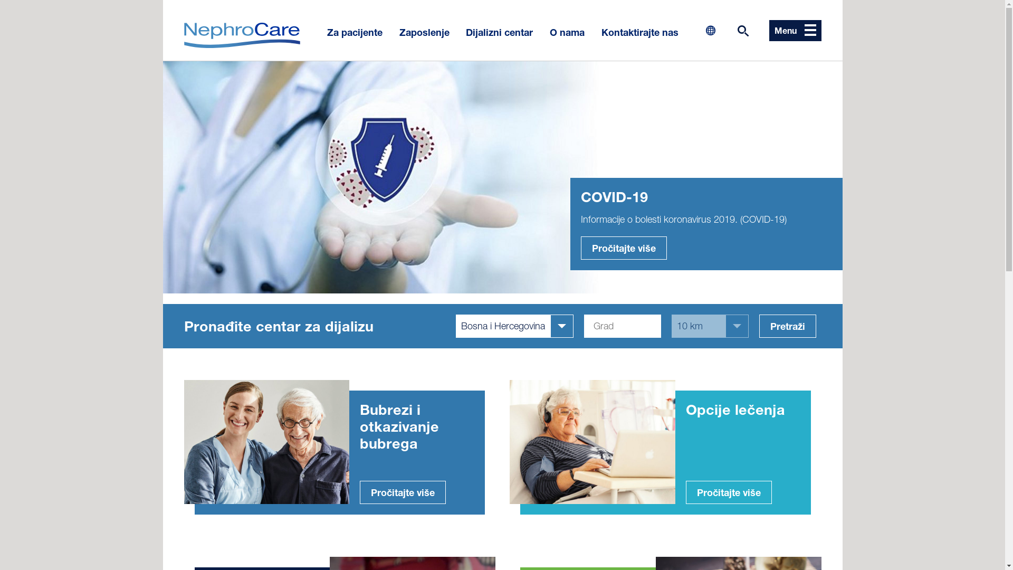 The image size is (1013, 570). What do you see at coordinates (424, 30) in the screenshot?
I see `'Zaposlenje'` at bounding box center [424, 30].